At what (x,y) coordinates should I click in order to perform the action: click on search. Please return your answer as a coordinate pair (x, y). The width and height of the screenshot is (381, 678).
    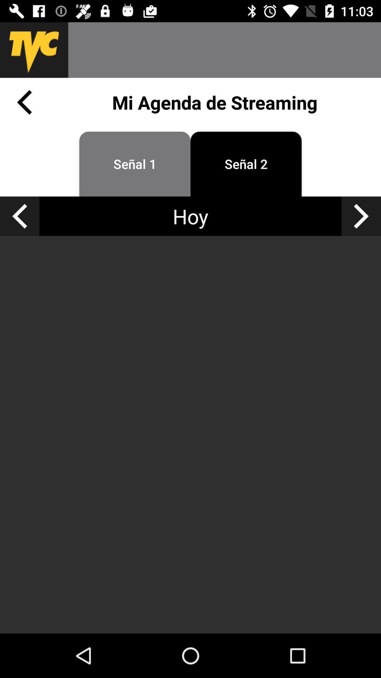
    Looking at the image, I should click on (224, 49).